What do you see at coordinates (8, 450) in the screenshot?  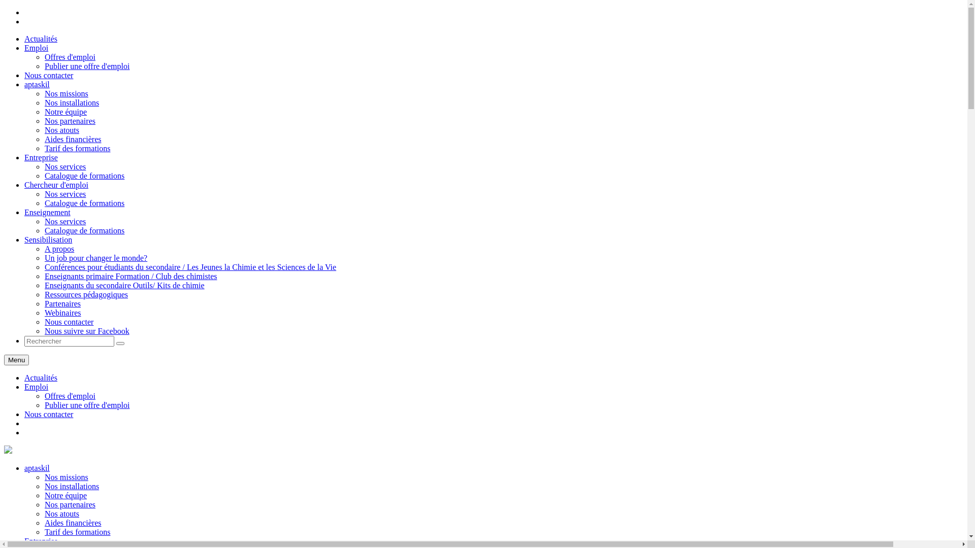 I see `'aptaskil'` at bounding box center [8, 450].